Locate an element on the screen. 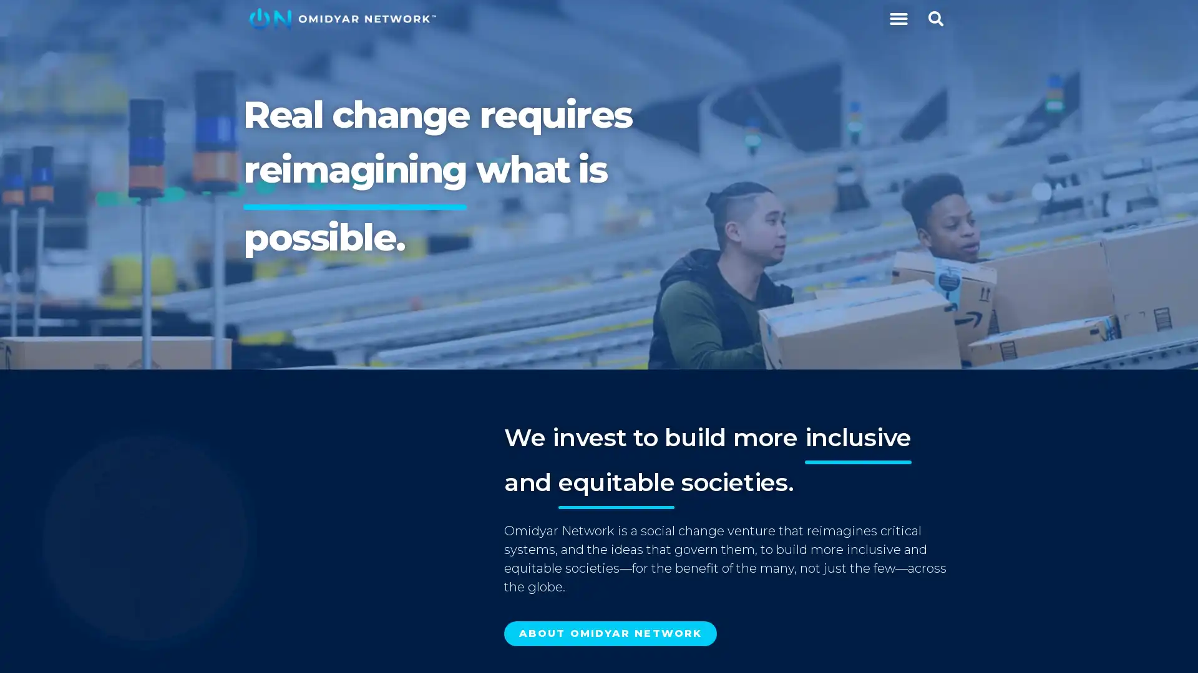 This screenshot has width=1198, height=673. ABOUT OMIDYAR NETWORK is located at coordinates (610, 634).